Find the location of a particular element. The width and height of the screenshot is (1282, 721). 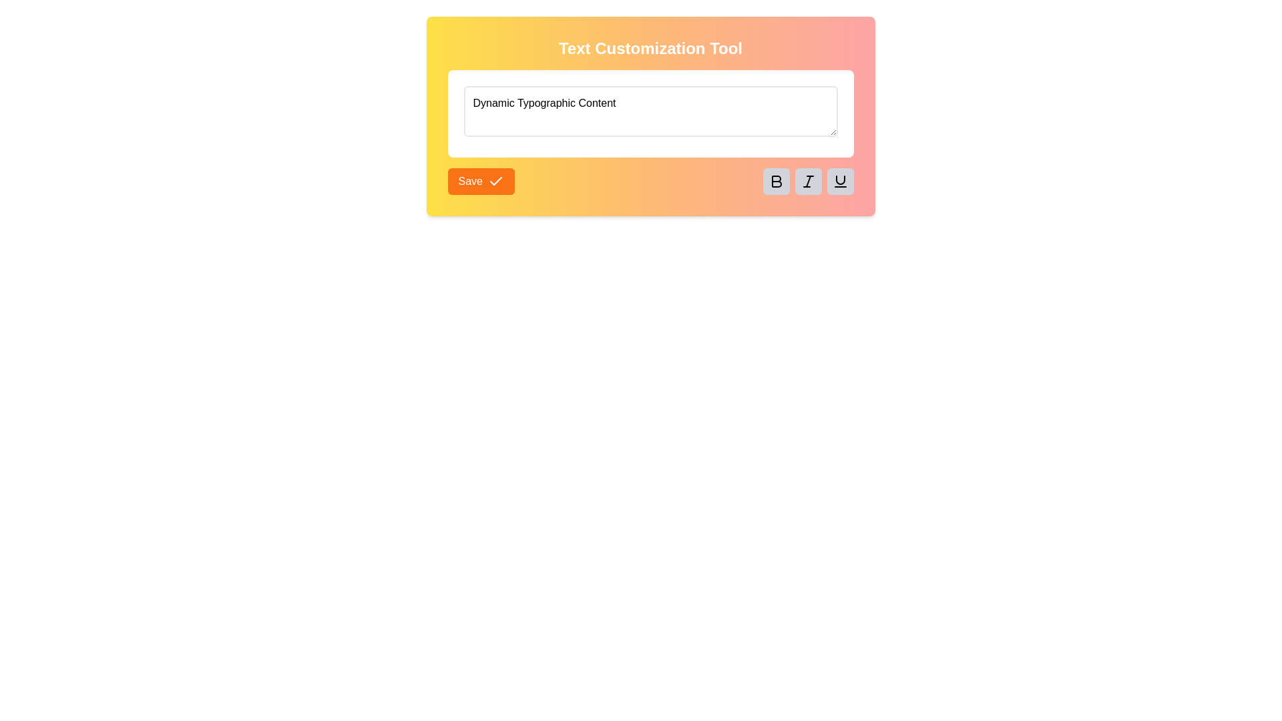

the first button in the group of formatting buttons is located at coordinates (776, 182).